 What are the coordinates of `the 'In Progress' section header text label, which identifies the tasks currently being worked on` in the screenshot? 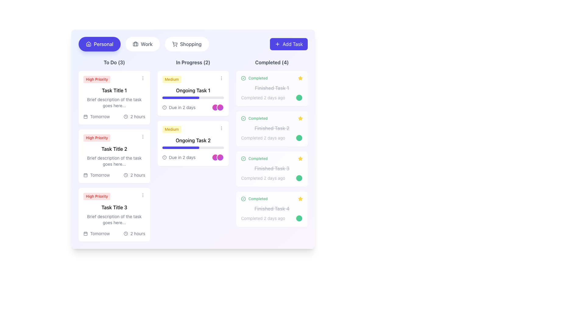 It's located at (193, 62).